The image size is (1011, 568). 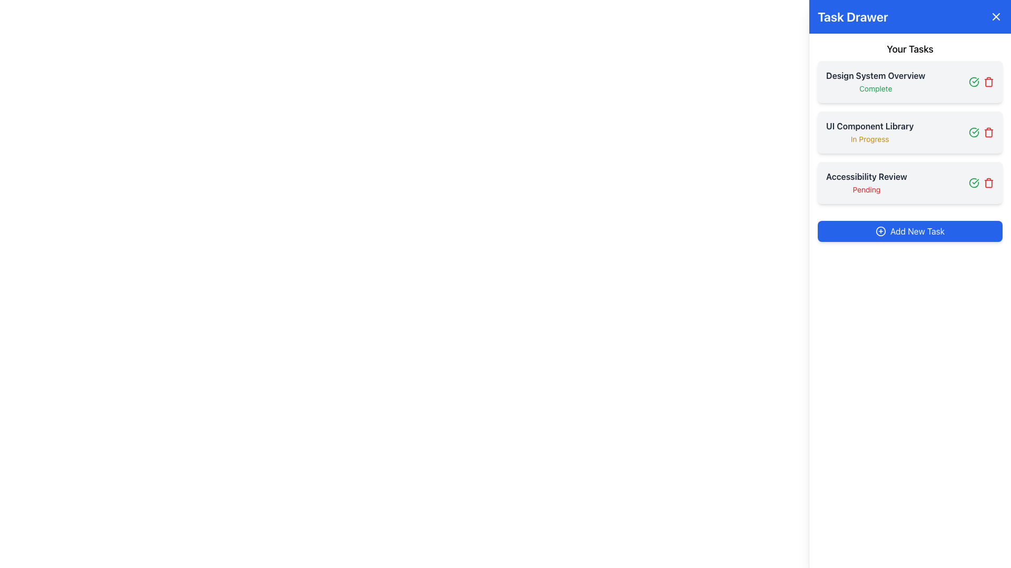 I want to click on the bolded header text 'Task Drawer' which is styled with a white color on a blue background, located at the top of the vertical panel, so click(x=853, y=16).